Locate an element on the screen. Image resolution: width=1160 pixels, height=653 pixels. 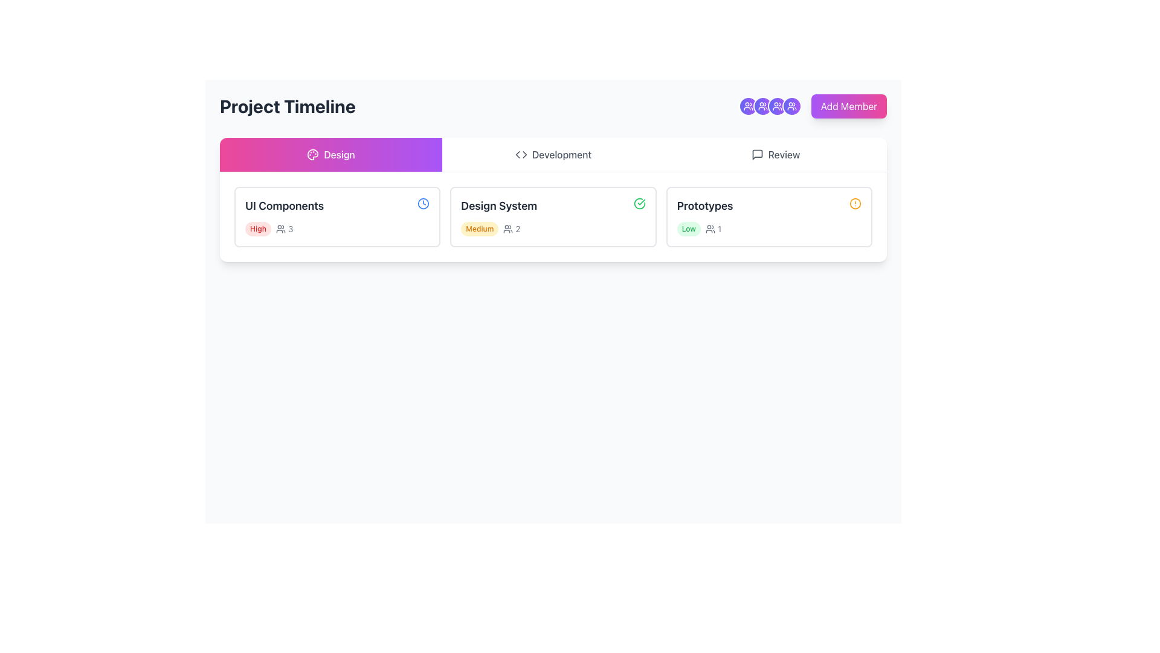
the informational cluster that provides details about the 'Prototypes' section, including priority and related metrics is located at coordinates (768, 229).